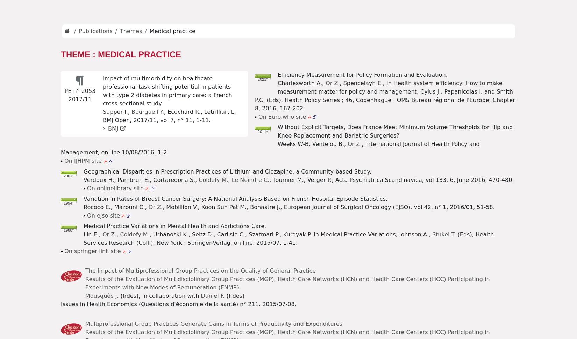 Image resolution: width=577 pixels, height=339 pixels. Describe the element at coordinates (117, 299) in the screenshot. I see `'Working paper n° 19. 2008/12'` at that location.